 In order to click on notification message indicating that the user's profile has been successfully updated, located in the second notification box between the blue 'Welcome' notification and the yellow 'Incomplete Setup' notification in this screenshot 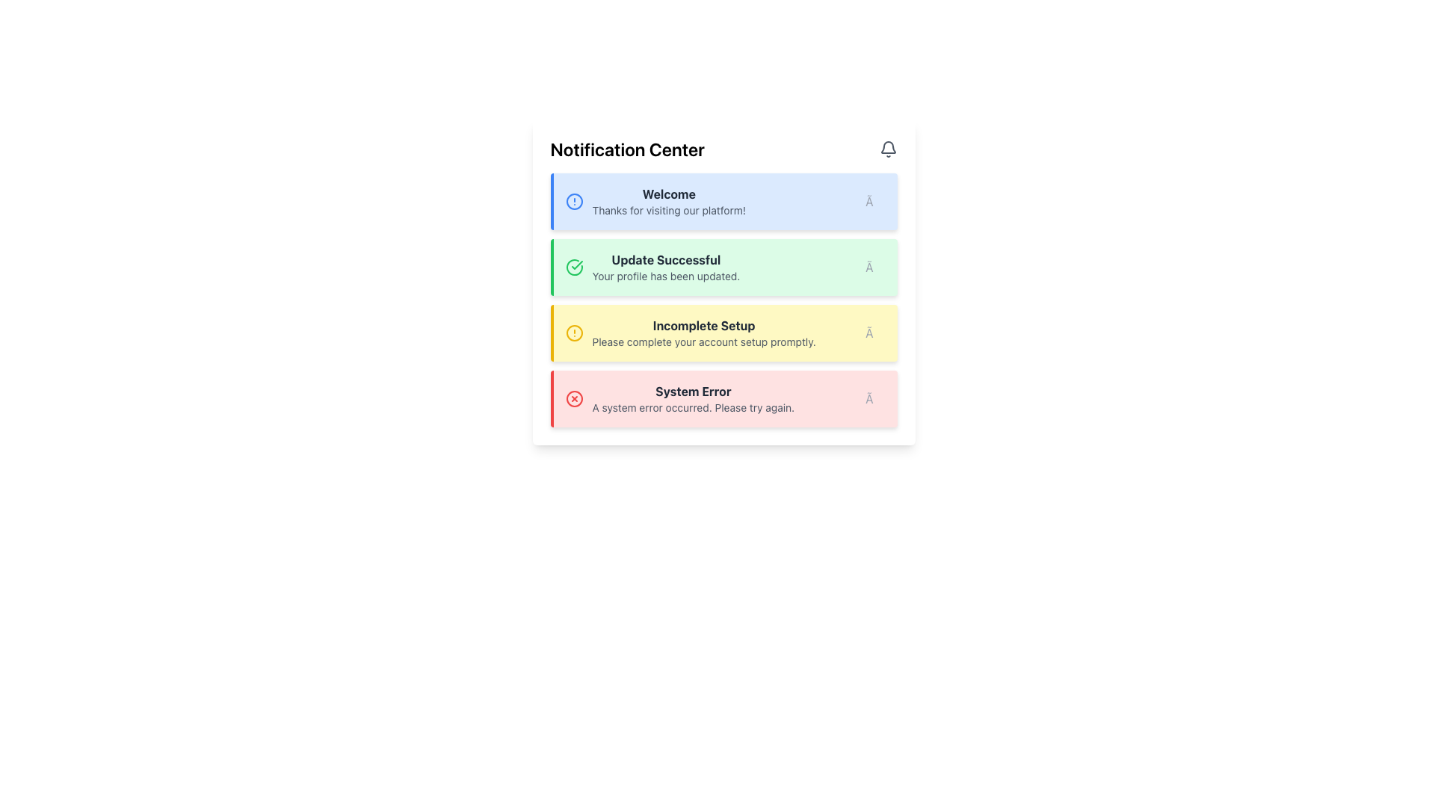, I will do `click(665, 267)`.